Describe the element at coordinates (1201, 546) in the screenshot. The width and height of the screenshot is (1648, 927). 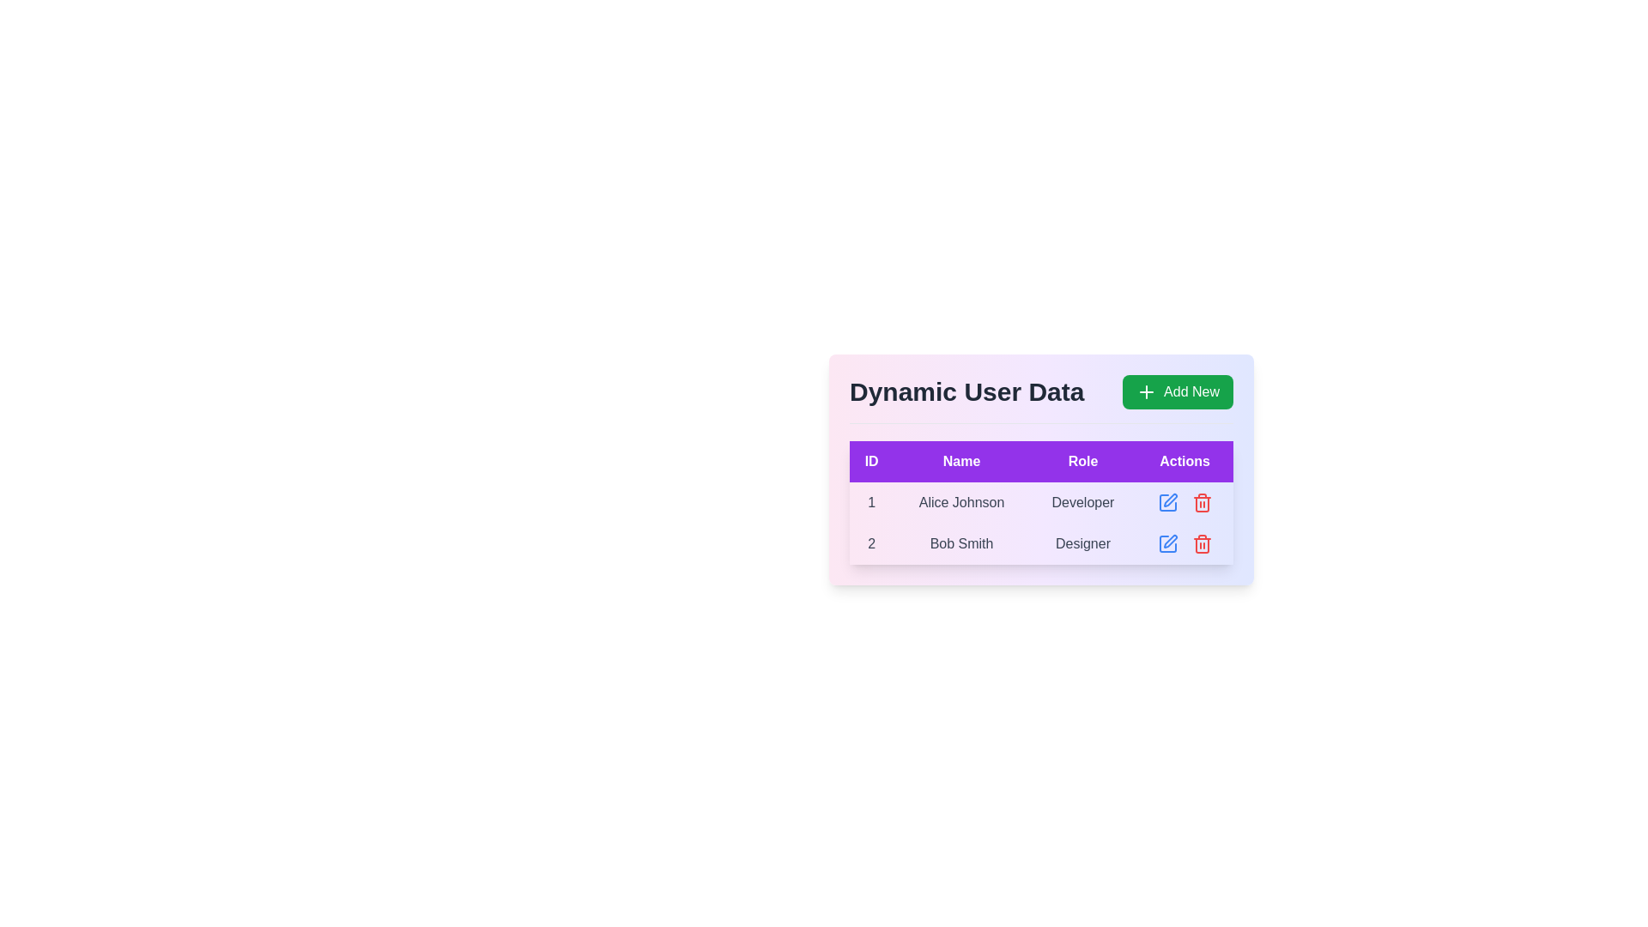
I see `the middle segment of the trash bin icon located in the 'Actions' column of the second row of the data table` at that location.